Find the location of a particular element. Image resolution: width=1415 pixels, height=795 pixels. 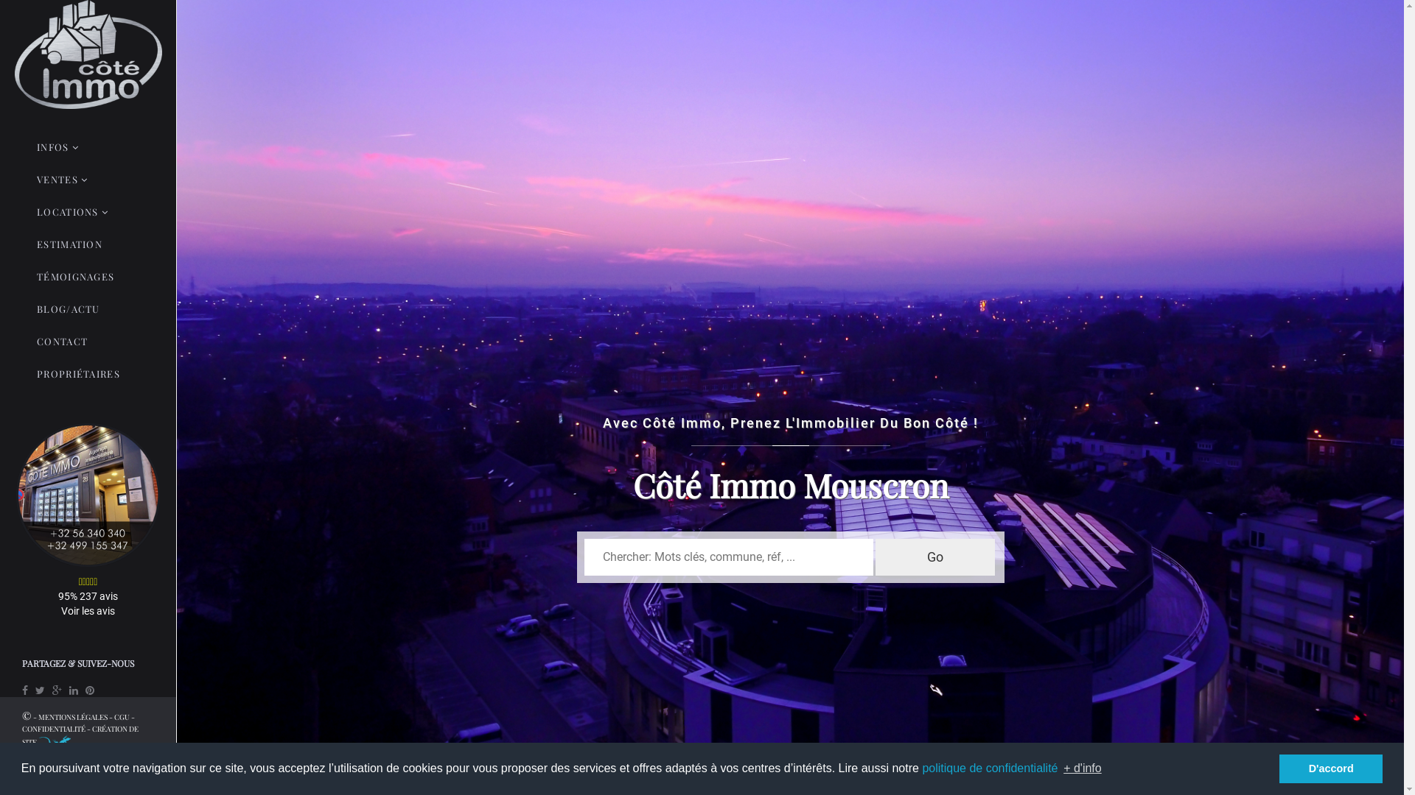

'ESTIMATION' is located at coordinates (36, 243).